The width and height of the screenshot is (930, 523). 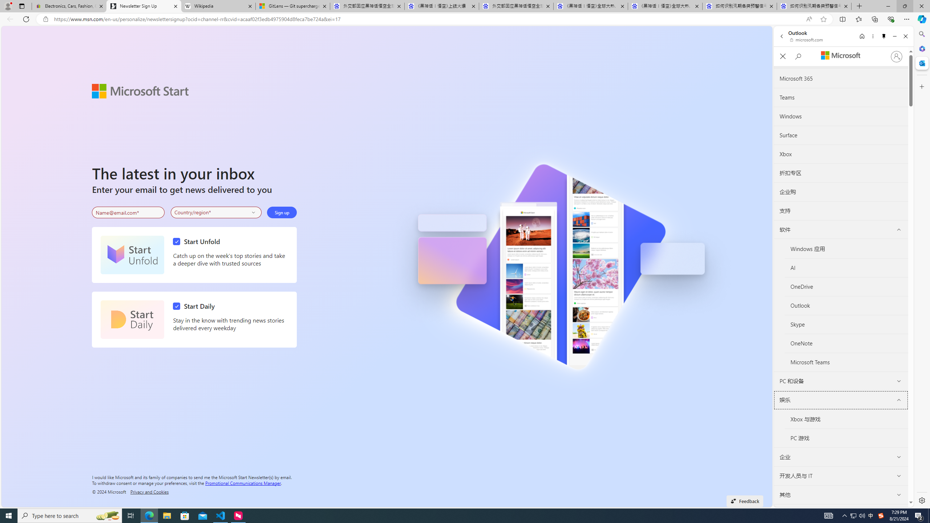 What do you see at coordinates (841, 135) in the screenshot?
I see `'Surface'` at bounding box center [841, 135].